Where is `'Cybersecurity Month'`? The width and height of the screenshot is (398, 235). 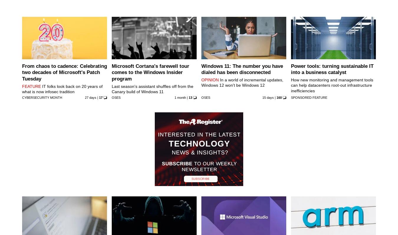
'Cybersecurity Month' is located at coordinates (42, 97).